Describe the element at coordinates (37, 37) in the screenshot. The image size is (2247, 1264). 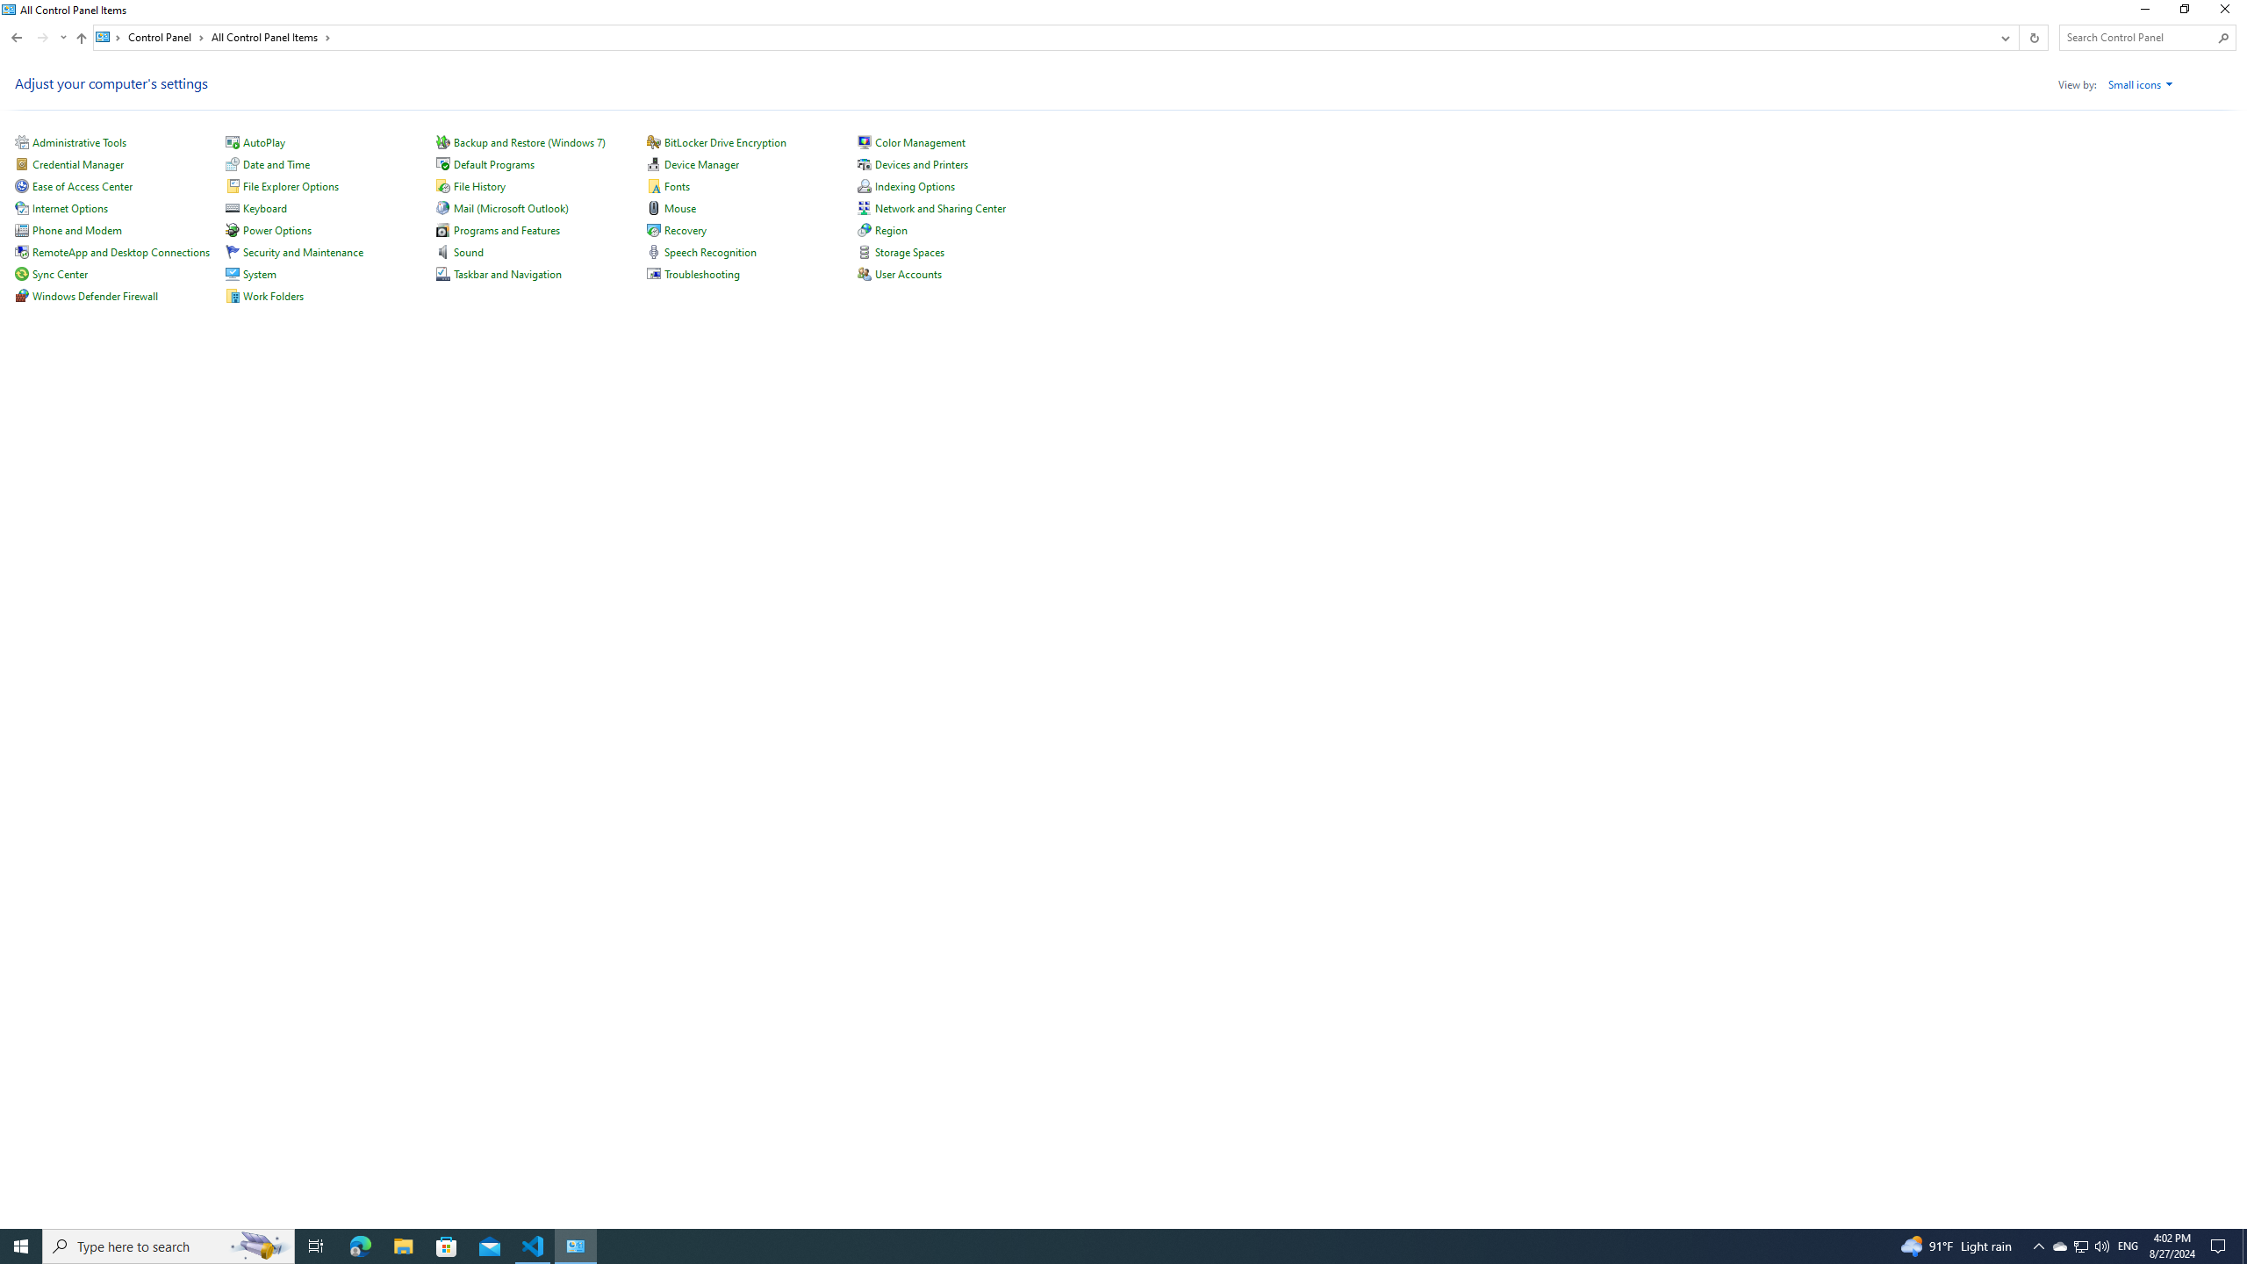
I see `'Navigation buttons'` at that location.